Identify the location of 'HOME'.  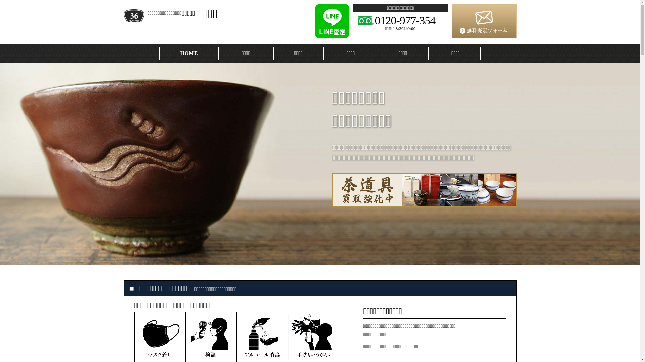
(188, 53).